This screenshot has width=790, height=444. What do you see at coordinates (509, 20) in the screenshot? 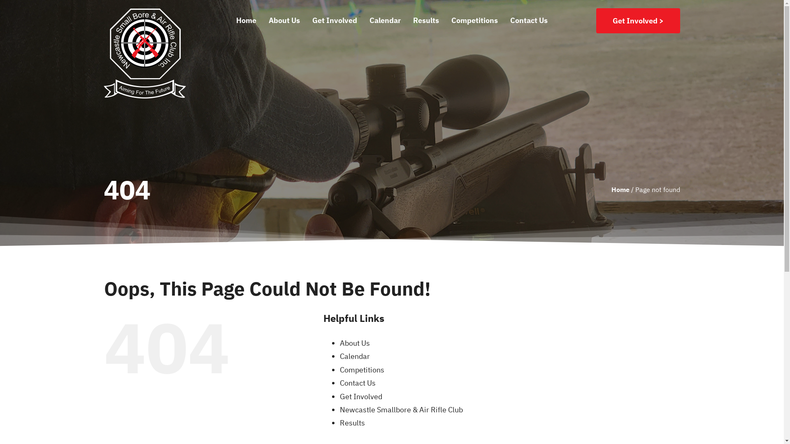
I see `'Contact Us'` at bounding box center [509, 20].